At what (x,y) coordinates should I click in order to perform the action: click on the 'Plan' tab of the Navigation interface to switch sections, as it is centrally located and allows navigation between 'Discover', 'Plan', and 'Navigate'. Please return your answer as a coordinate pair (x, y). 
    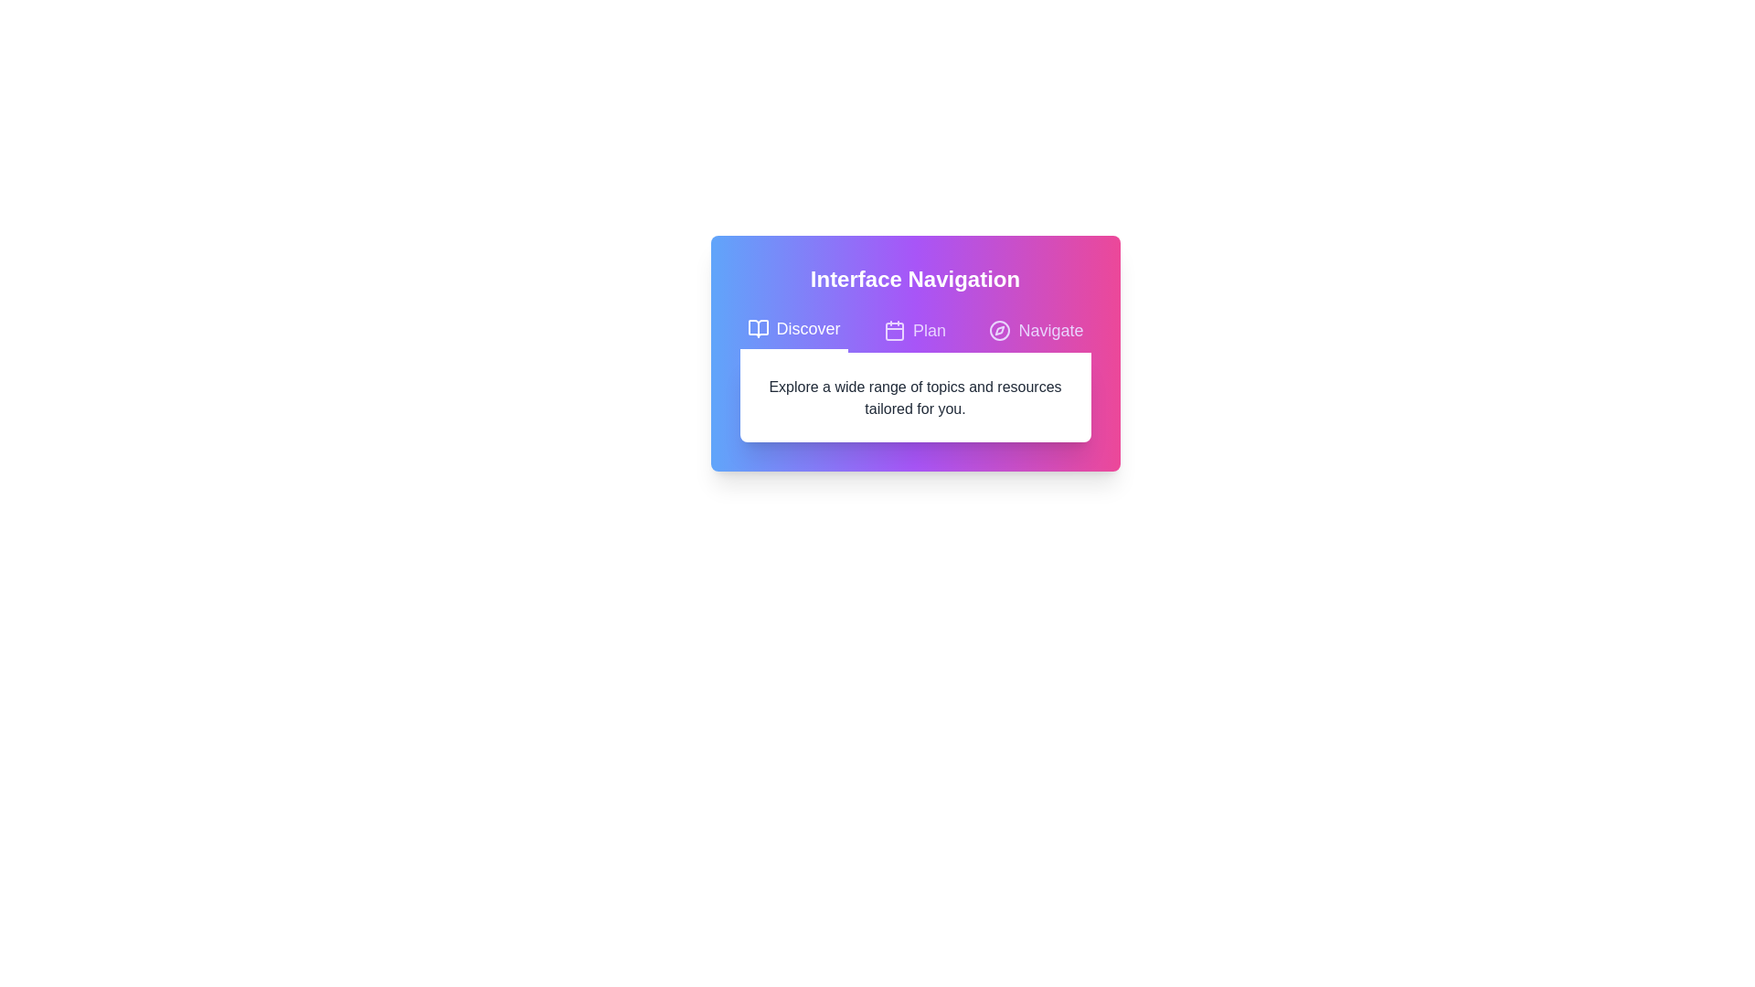
    Looking at the image, I should click on (915, 353).